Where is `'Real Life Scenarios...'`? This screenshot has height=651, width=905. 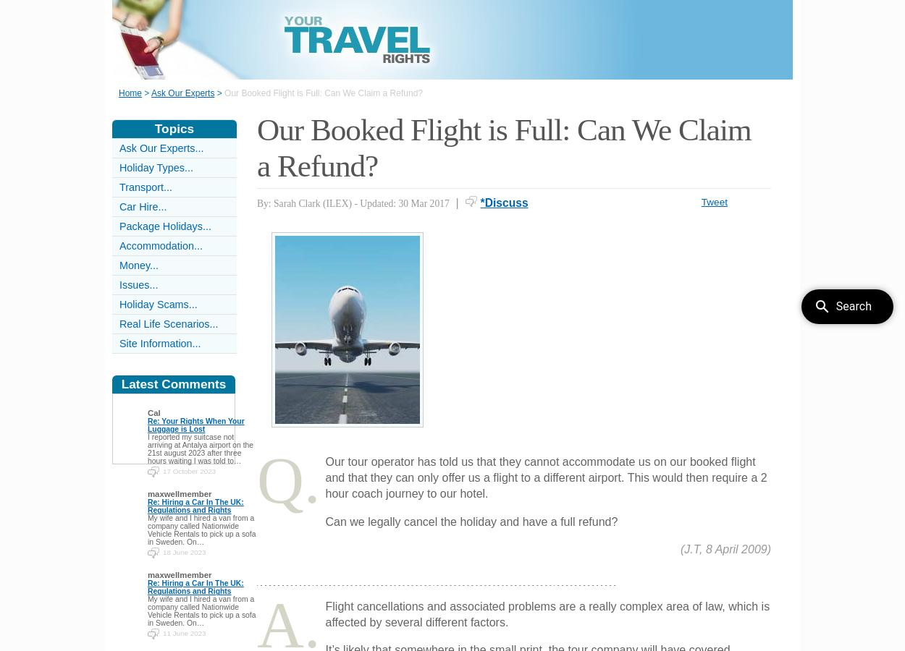 'Real Life Scenarios...' is located at coordinates (168, 324).